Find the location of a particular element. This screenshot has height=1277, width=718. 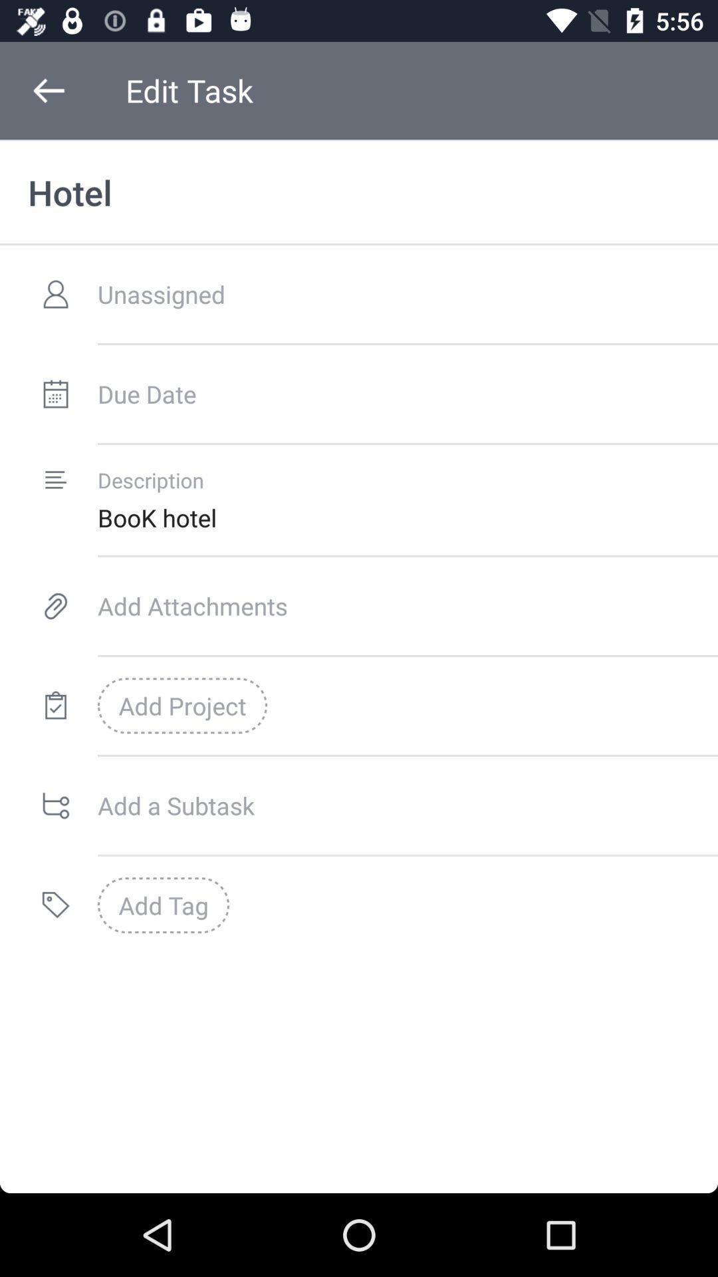

attatchments is located at coordinates (407, 605).